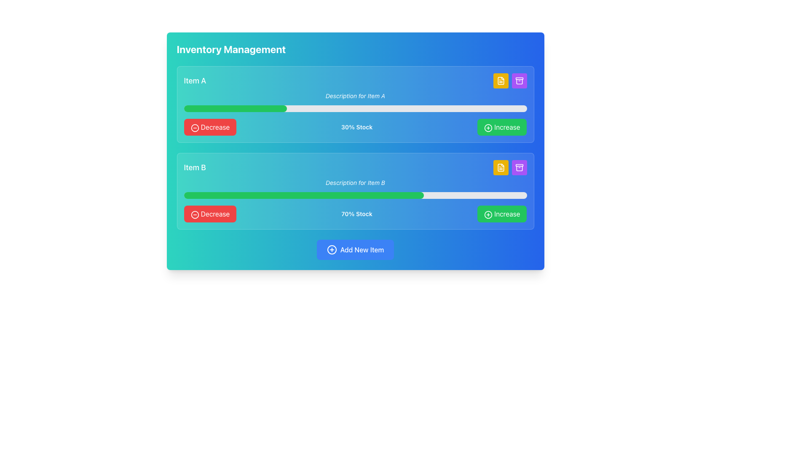  I want to click on the circular minus icon within the red 'Decrease' button to trigger a tooltip or visual response, so click(194, 128).